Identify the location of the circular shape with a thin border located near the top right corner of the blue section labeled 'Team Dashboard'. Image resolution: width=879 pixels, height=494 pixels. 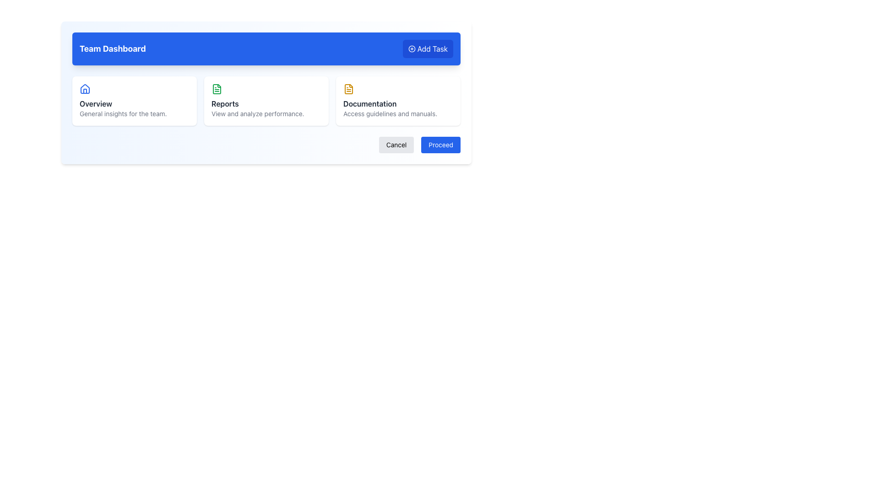
(411, 49).